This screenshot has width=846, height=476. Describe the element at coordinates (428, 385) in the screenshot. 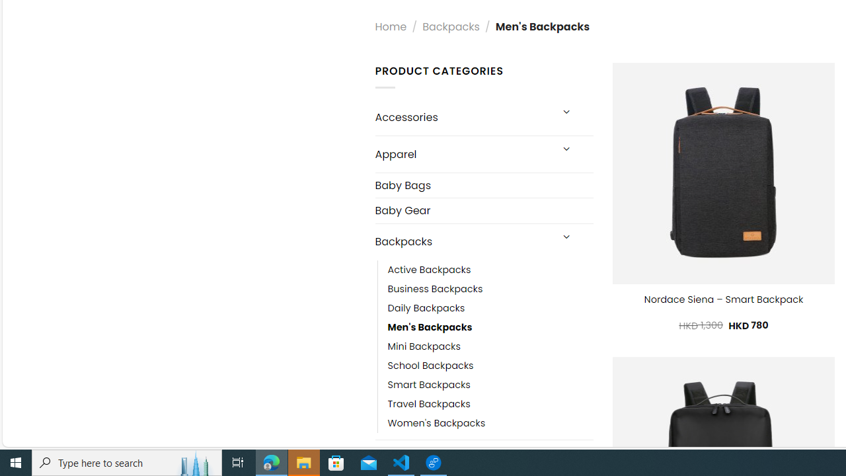

I see `'Smart Backpacks'` at that location.